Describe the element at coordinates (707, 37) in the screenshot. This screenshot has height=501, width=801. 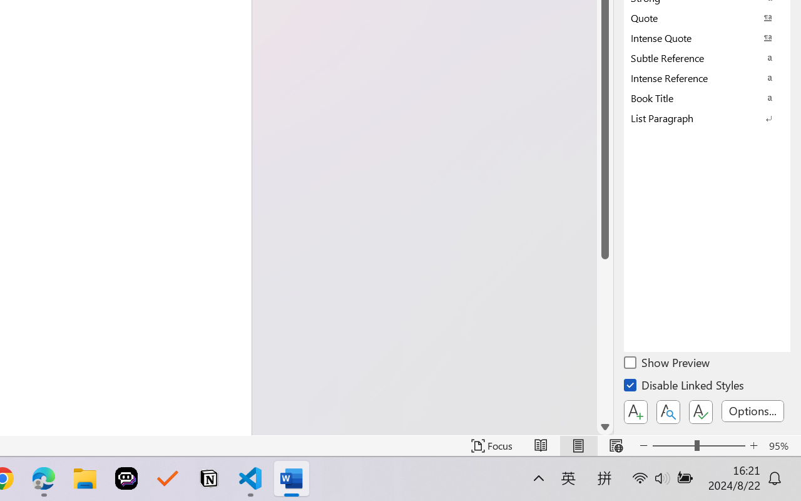
I see `'Intense Quote'` at that location.